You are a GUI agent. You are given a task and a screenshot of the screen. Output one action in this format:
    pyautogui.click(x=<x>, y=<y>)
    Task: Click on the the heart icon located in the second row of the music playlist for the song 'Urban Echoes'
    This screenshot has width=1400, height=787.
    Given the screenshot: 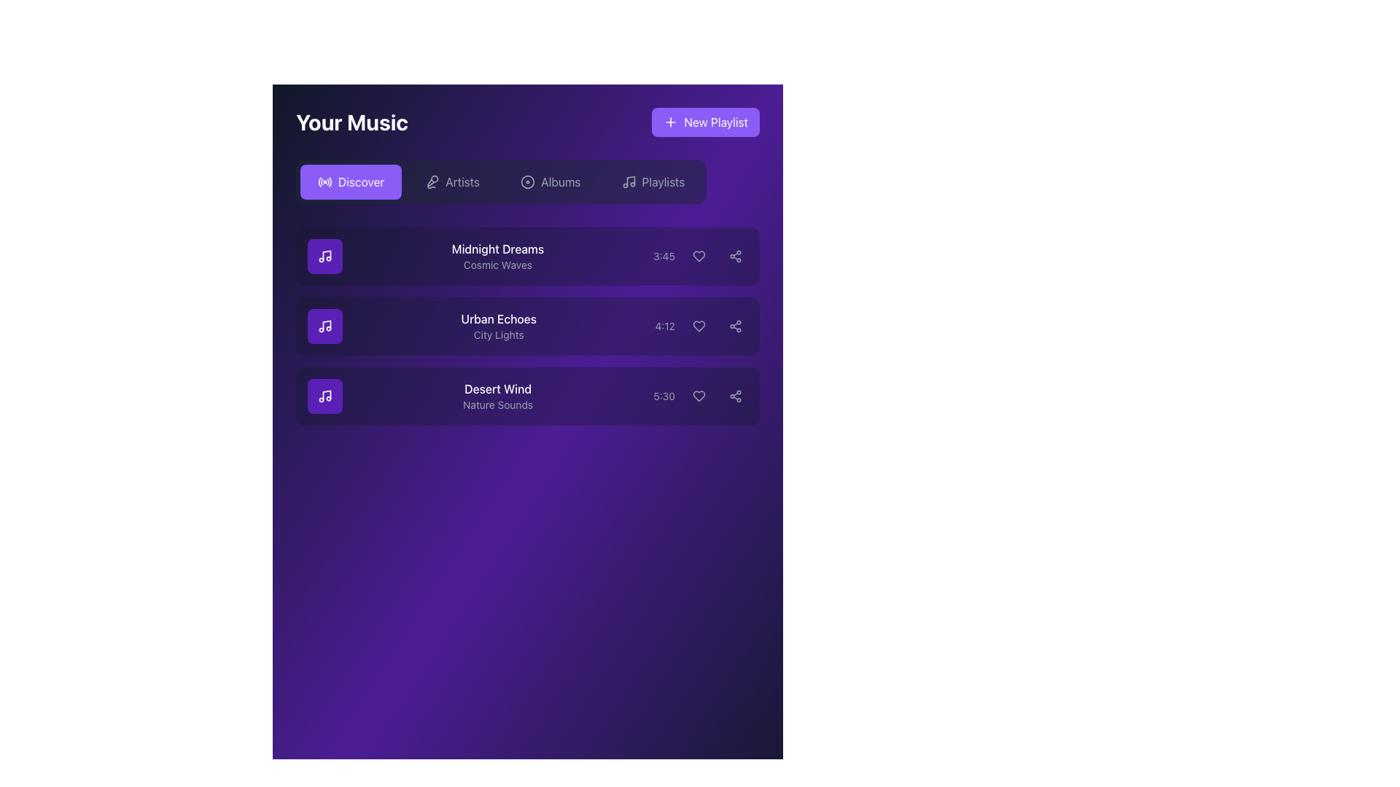 What is the action you would take?
    pyautogui.click(x=699, y=325)
    